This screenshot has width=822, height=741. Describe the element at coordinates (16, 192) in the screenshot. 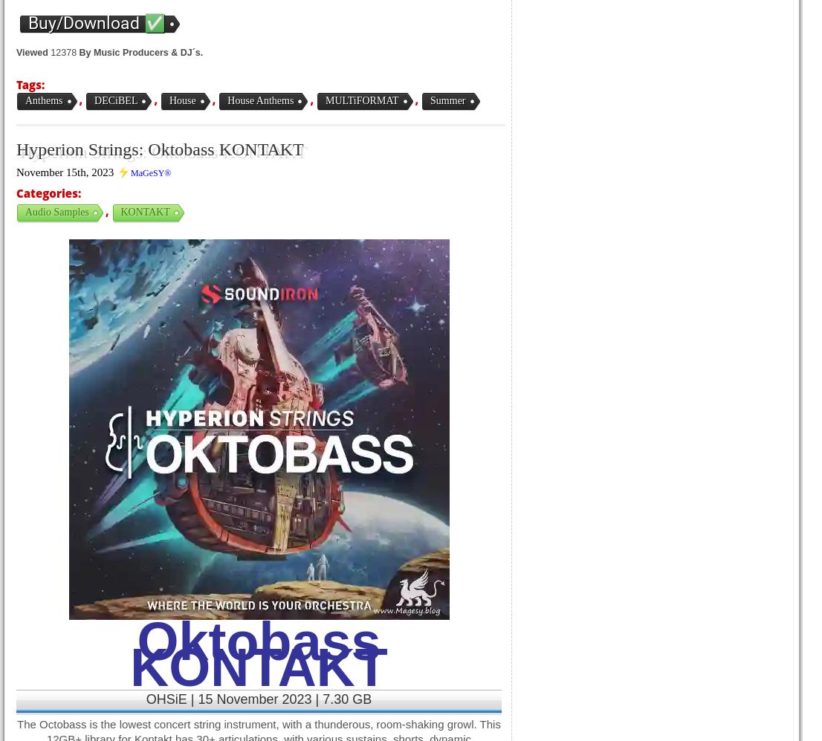

I see `'Categories:'` at that location.